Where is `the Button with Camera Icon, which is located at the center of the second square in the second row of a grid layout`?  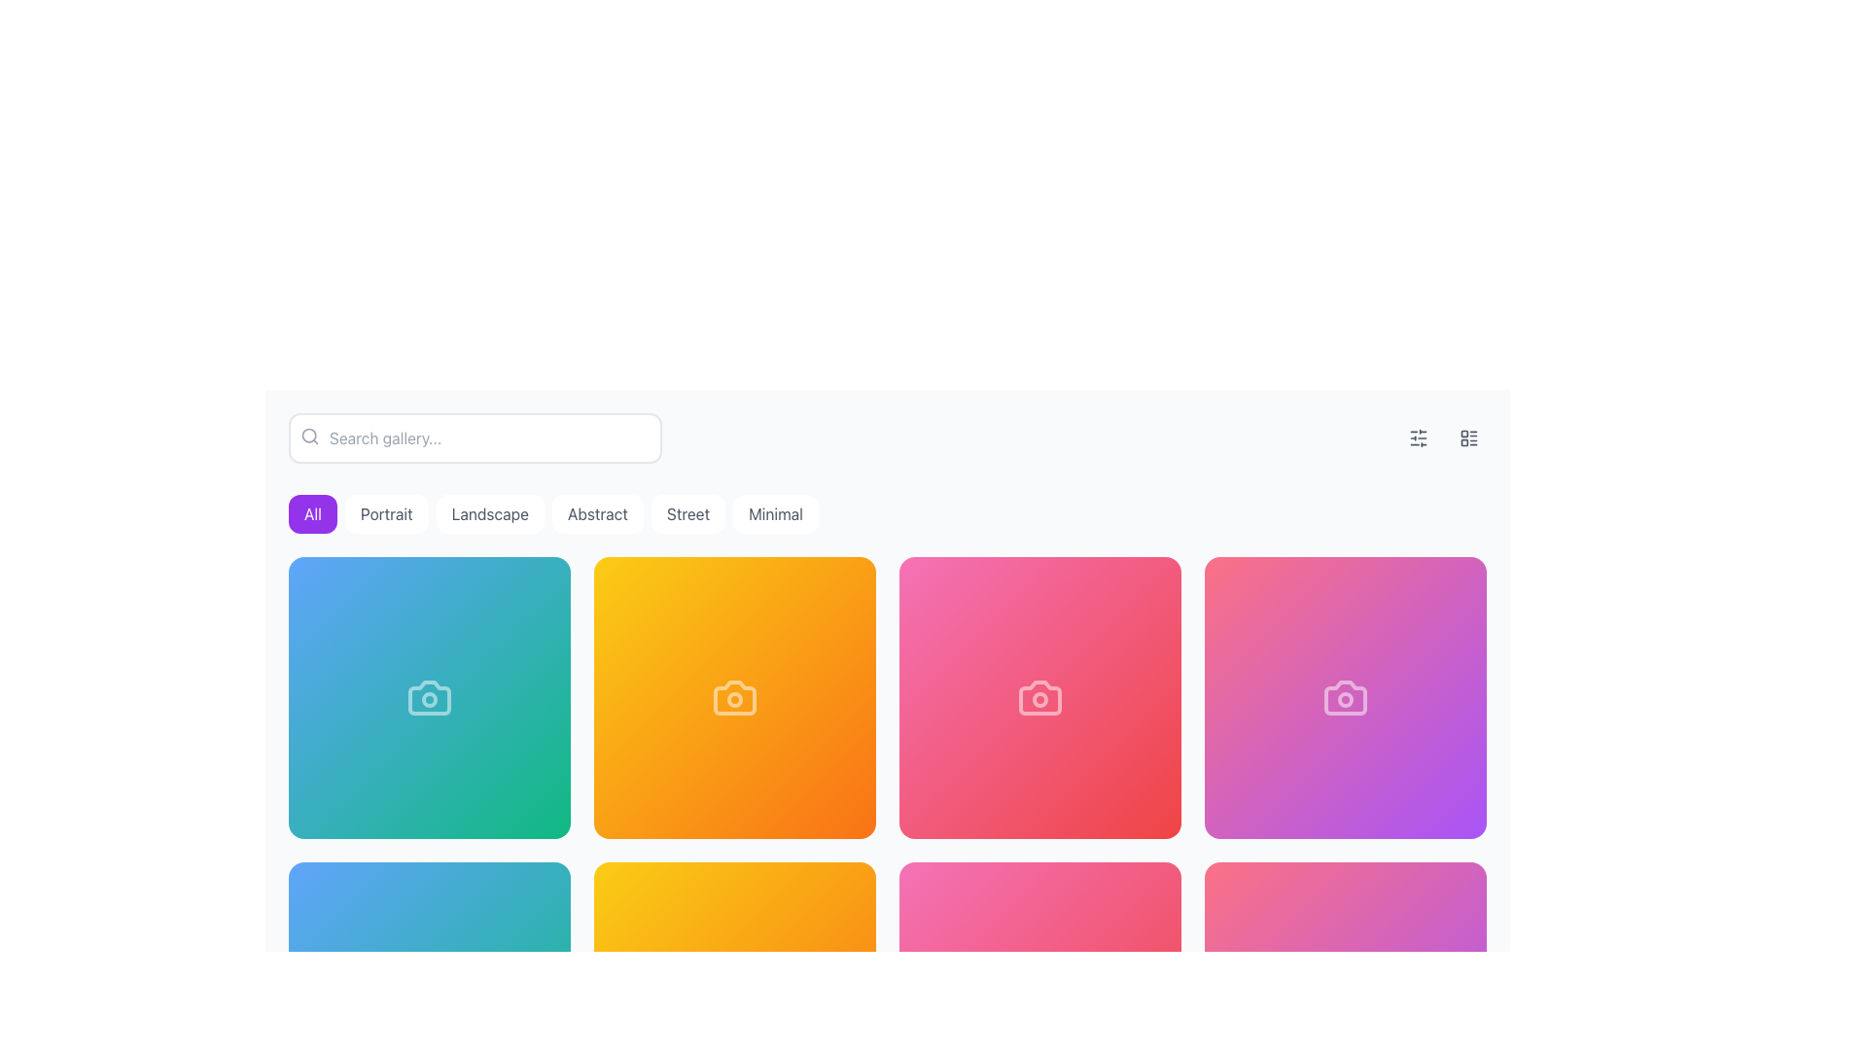
the Button with Camera Icon, which is located at the center of the second square in the second row of a grid layout is located at coordinates (733, 696).